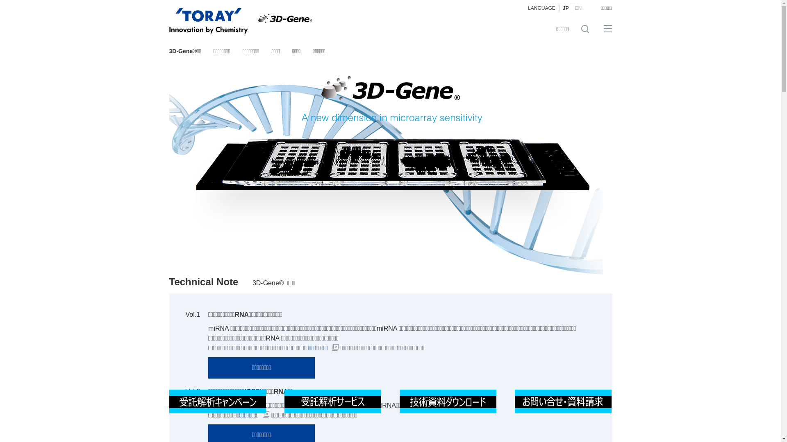 The width and height of the screenshot is (787, 442). What do you see at coordinates (565, 8) in the screenshot?
I see `'JP'` at bounding box center [565, 8].